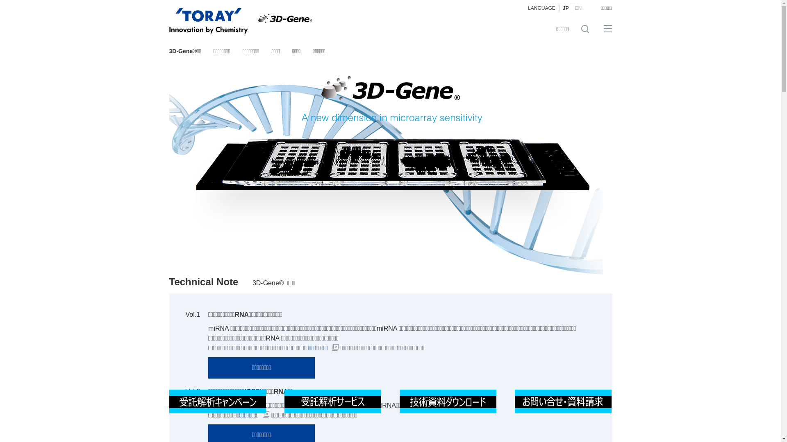 The width and height of the screenshot is (787, 442). What do you see at coordinates (565, 8) in the screenshot?
I see `'JP'` at bounding box center [565, 8].